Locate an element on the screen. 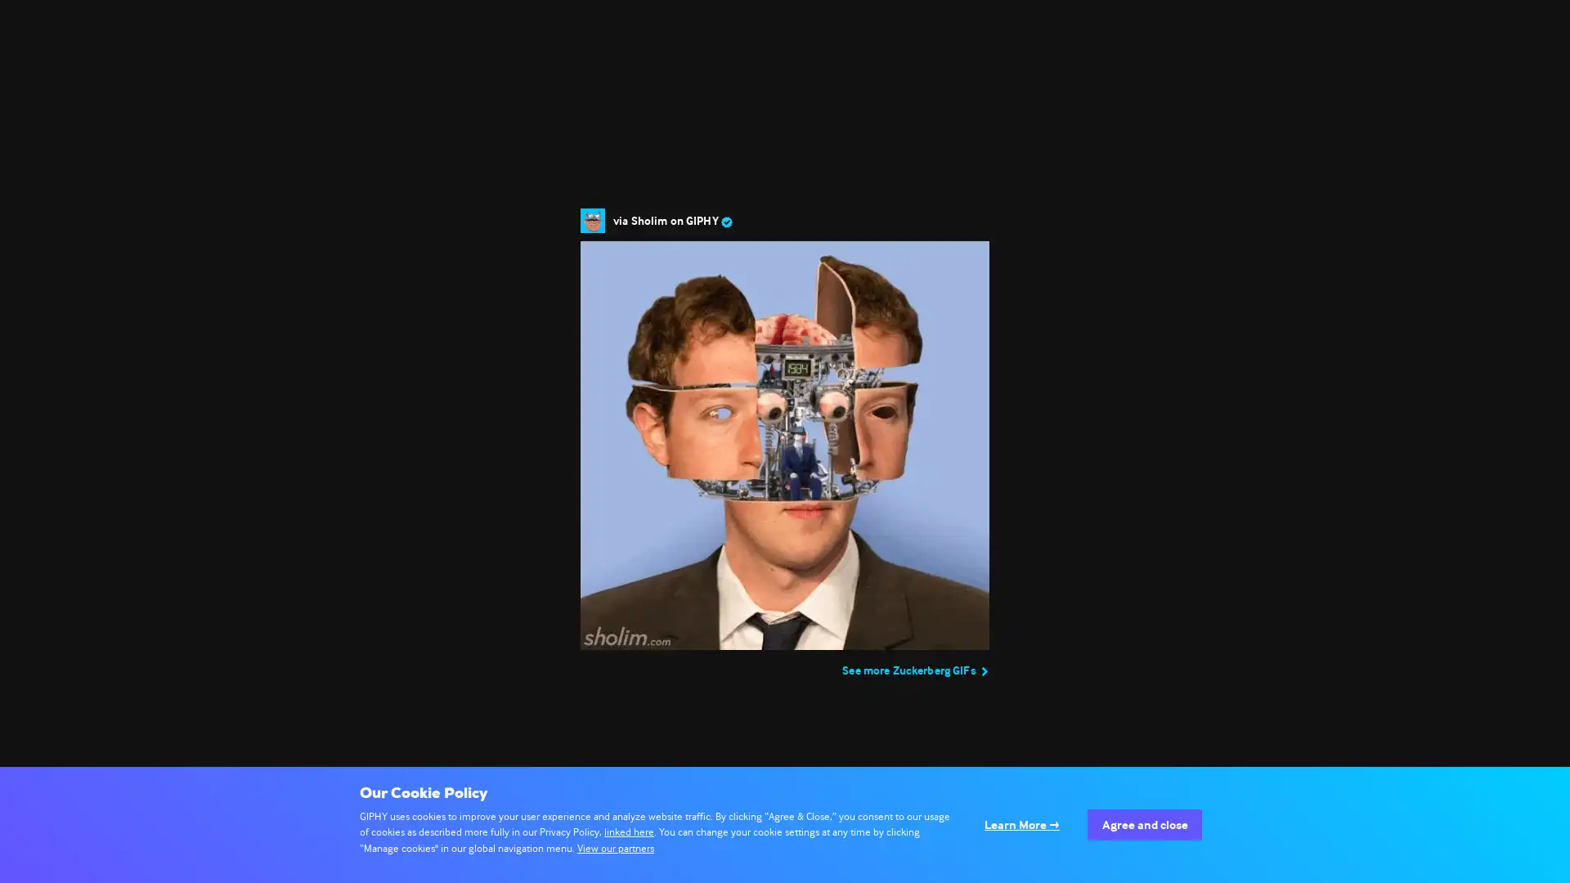 The width and height of the screenshot is (1570, 883). Agree to our data processing and close is located at coordinates (1144, 825).